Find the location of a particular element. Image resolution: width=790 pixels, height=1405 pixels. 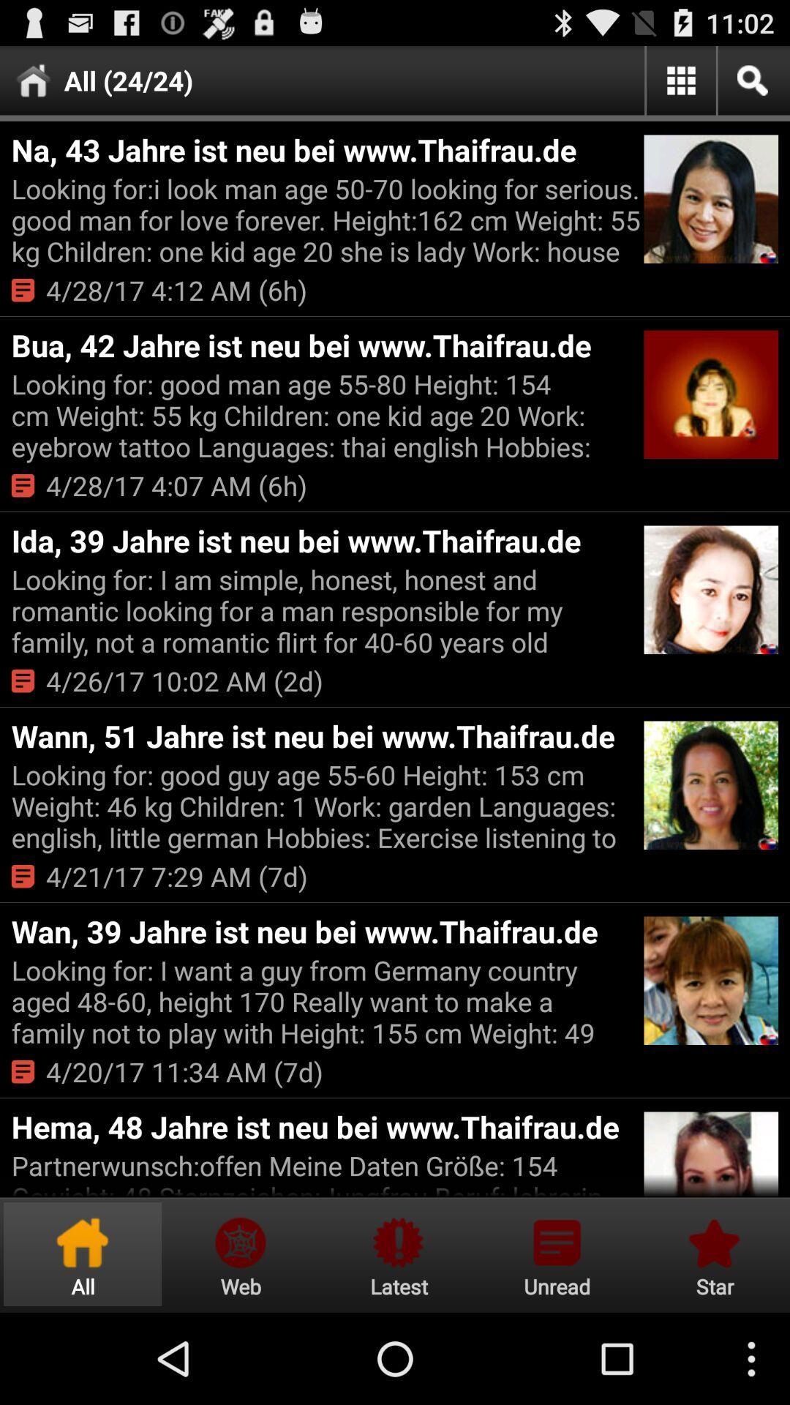

the internet is located at coordinates (240, 1254).